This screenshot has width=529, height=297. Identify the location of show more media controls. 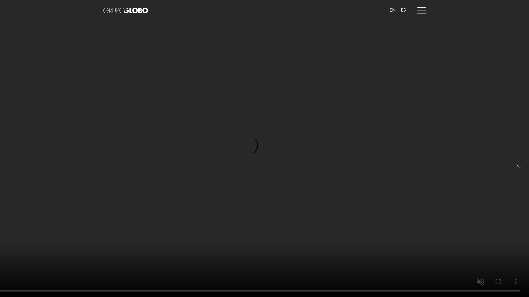
(515, 281).